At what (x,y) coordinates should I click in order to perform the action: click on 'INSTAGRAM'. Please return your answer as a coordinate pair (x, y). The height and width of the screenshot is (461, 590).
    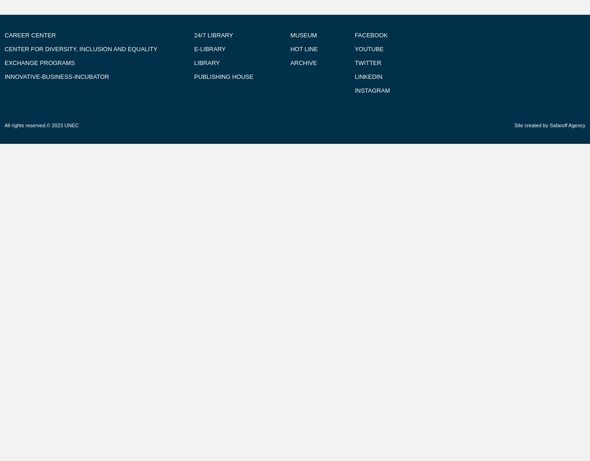
    Looking at the image, I should click on (372, 90).